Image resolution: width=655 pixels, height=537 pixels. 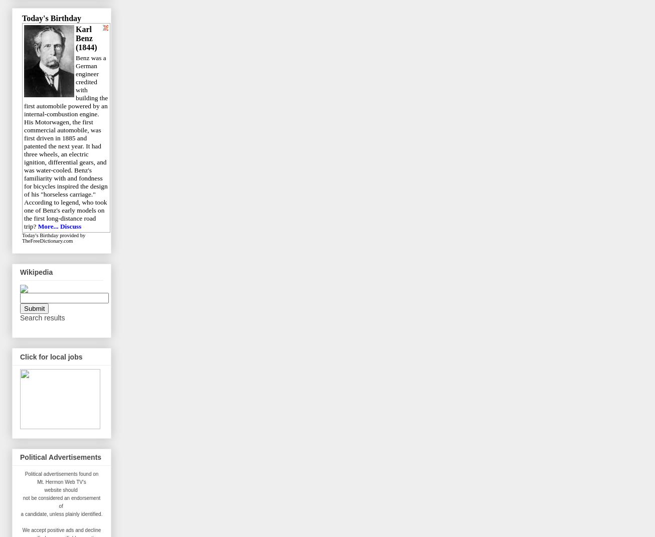 What do you see at coordinates (47, 240) in the screenshot?
I see `'TheFreeDictionary.com'` at bounding box center [47, 240].